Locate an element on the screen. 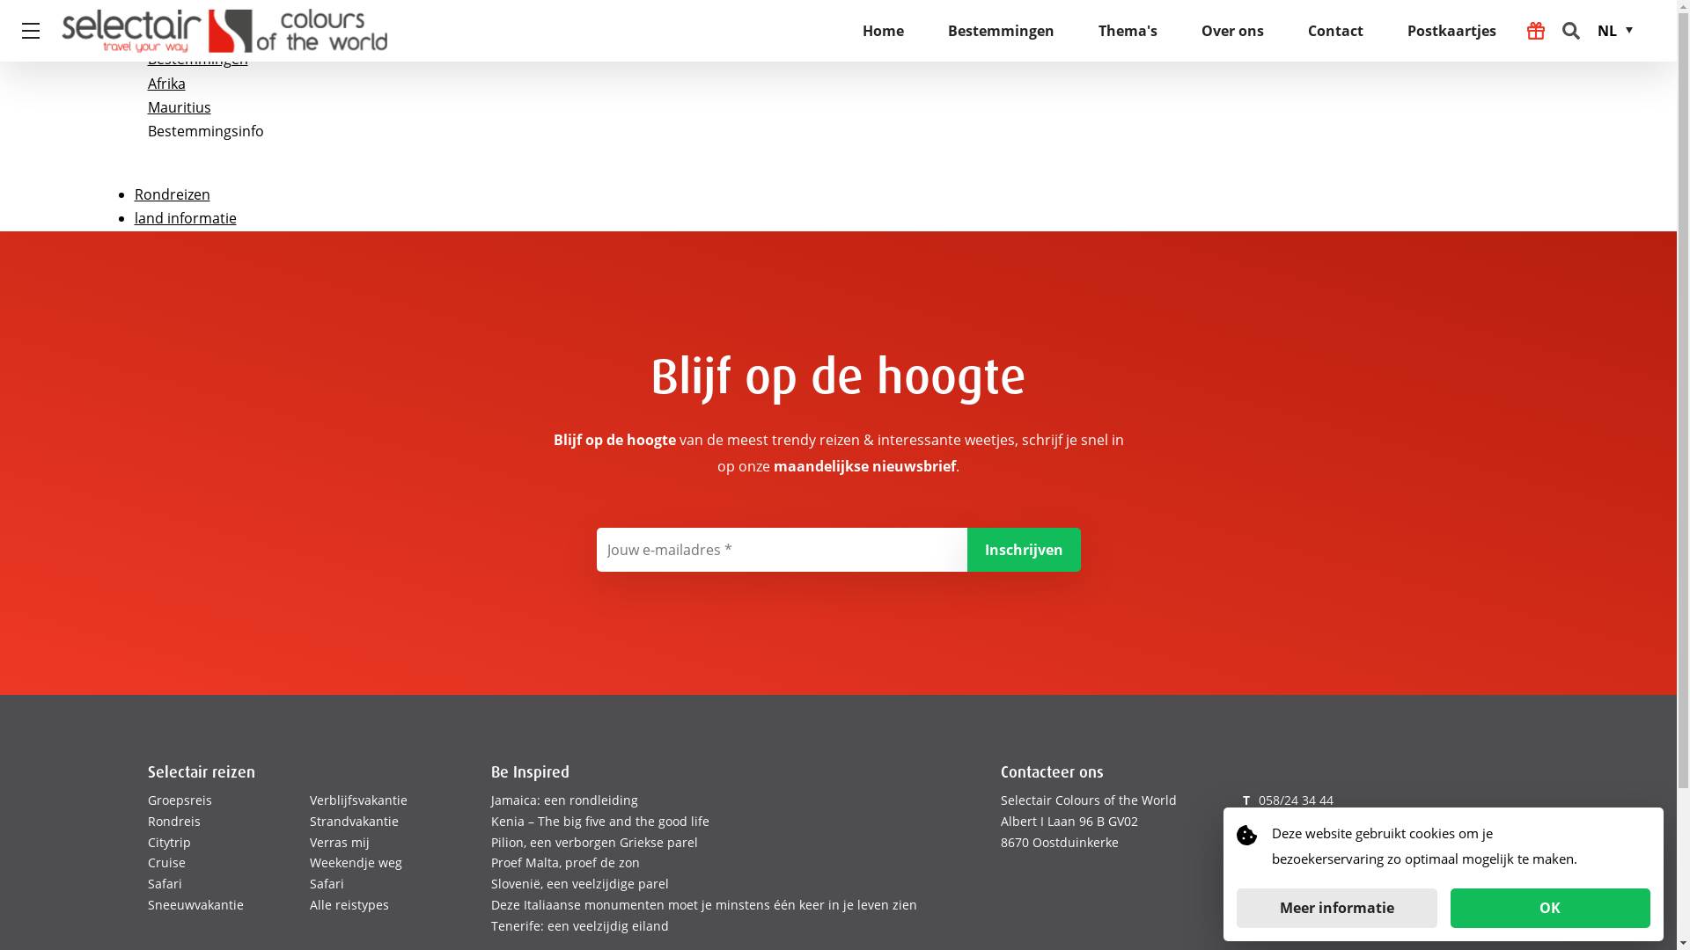 This screenshot has height=950, width=1690. 'Sneeuwvakantie' is located at coordinates (195, 904).